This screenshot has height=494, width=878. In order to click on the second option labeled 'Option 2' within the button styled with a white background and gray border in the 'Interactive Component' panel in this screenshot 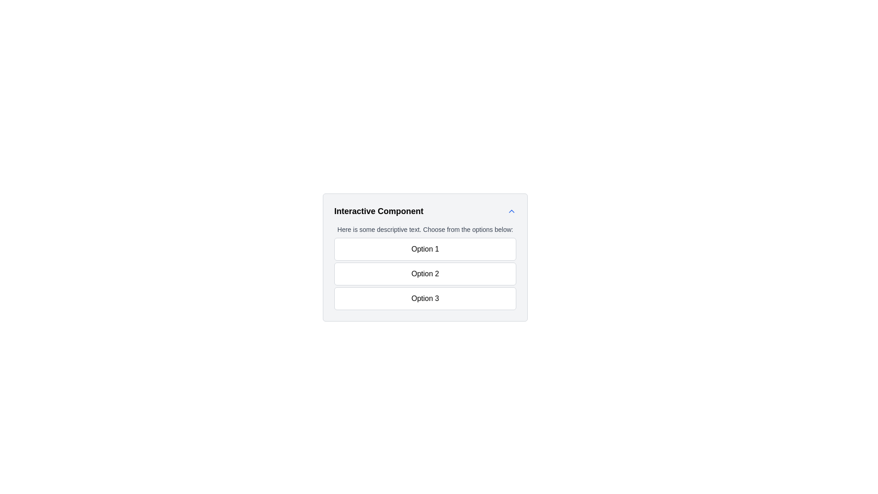, I will do `click(464, 273)`.